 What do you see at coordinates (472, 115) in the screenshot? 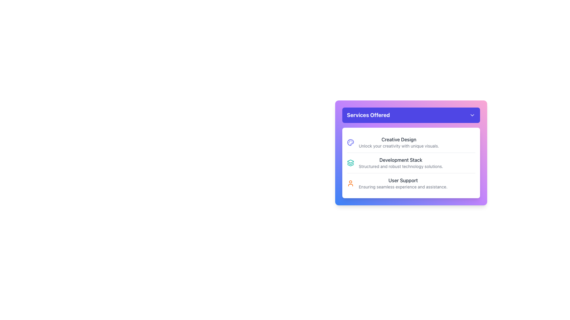
I see `the Chevron-Down icon located on the far right side of the purple header bar labeled 'Services Offered'` at bounding box center [472, 115].